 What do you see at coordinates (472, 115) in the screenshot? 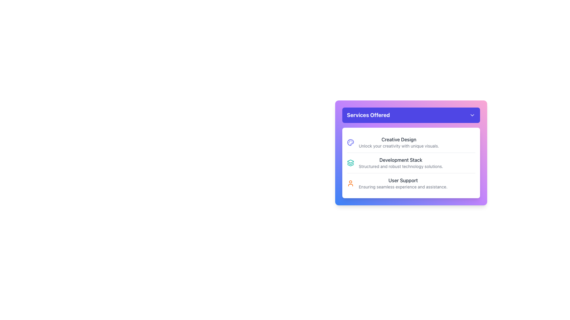
I see `the Chevron-Down icon located on the far right side of the purple header bar labeled 'Services Offered'` at bounding box center [472, 115].